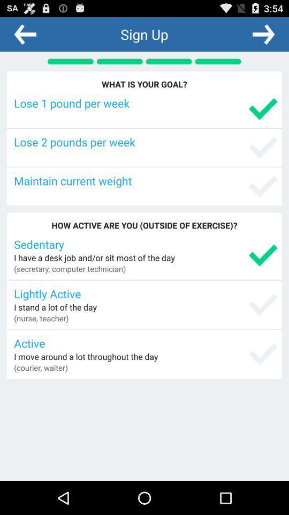 The height and width of the screenshot is (515, 289). What do you see at coordinates (85, 356) in the screenshot?
I see `the app below the active icon` at bounding box center [85, 356].